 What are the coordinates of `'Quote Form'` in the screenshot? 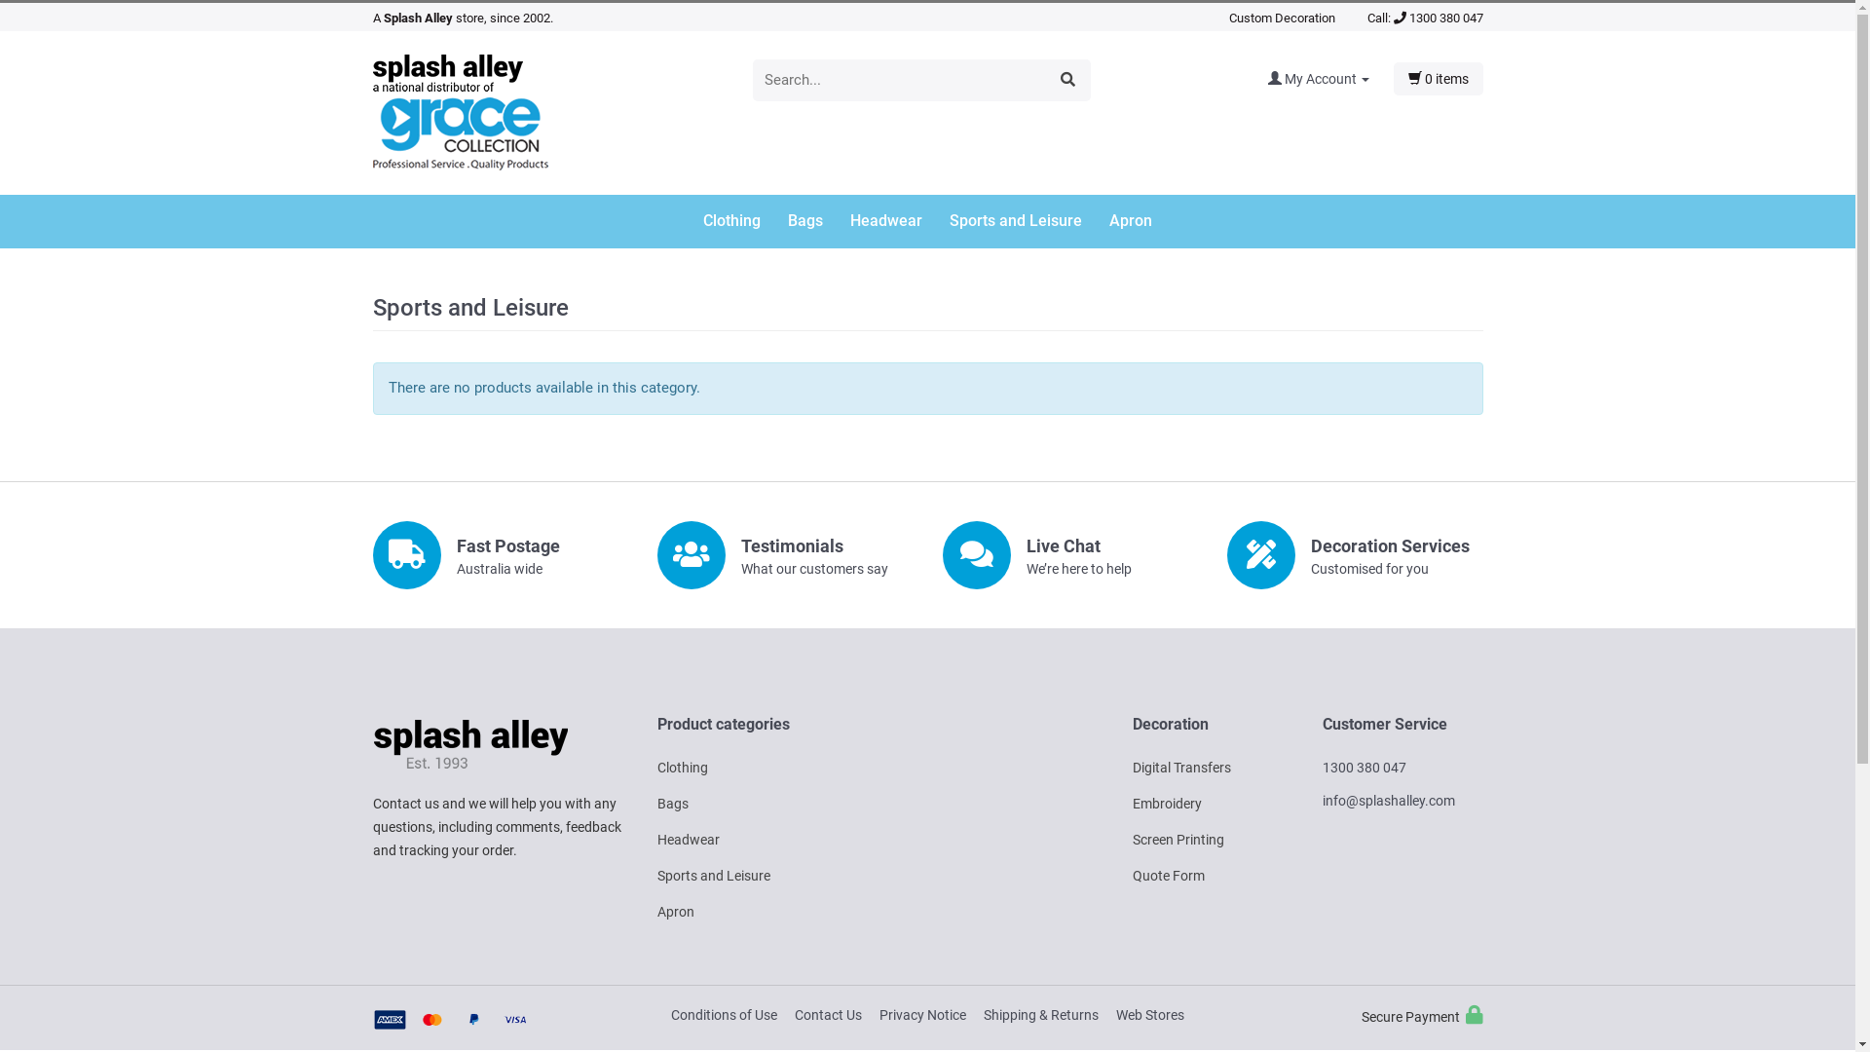 It's located at (1168, 874).